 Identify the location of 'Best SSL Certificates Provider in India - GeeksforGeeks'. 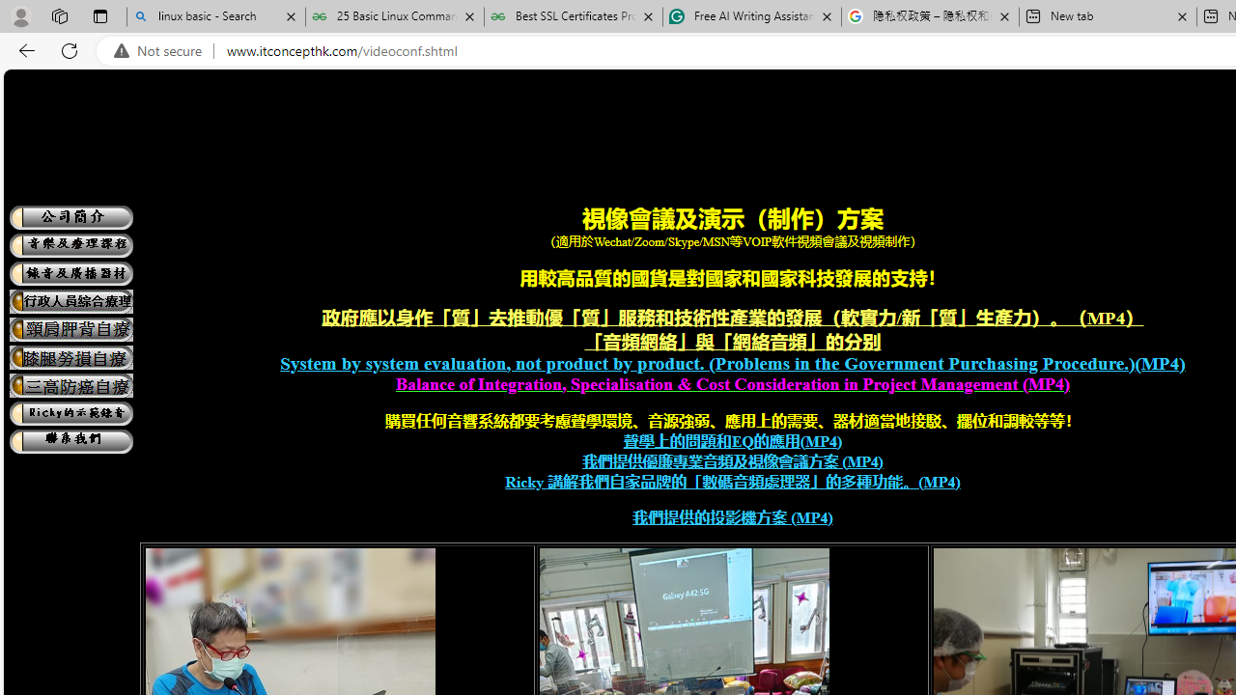
(572, 16).